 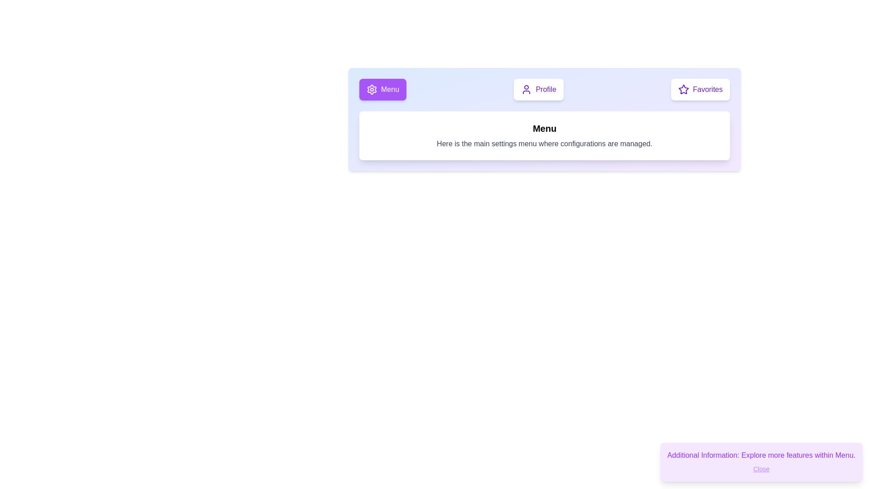 What do you see at coordinates (544, 143) in the screenshot?
I see `the text element displaying 'Here is the main settings menu where configurations are managed.' which is located beneath the 'Menu' title` at bounding box center [544, 143].